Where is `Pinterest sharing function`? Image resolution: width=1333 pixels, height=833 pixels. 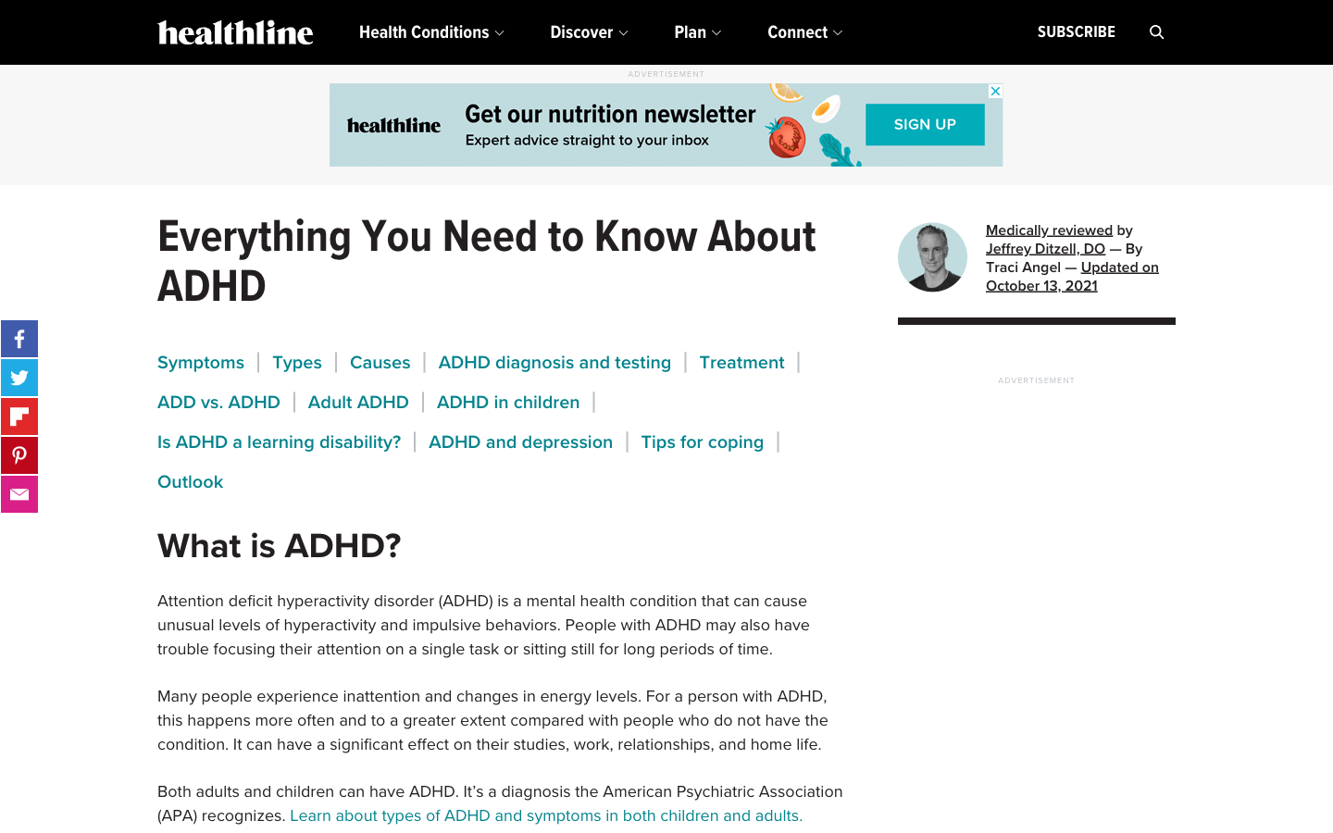 Pinterest sharing function is located at coordinates (19, 454).